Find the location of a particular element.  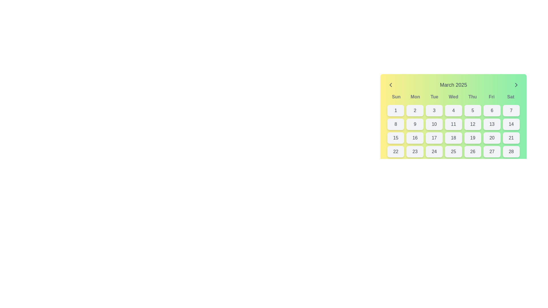

the text element that displays the current month and year, located at the top of the calendar interface between two arrow icons is located at coordinates (453, 85).